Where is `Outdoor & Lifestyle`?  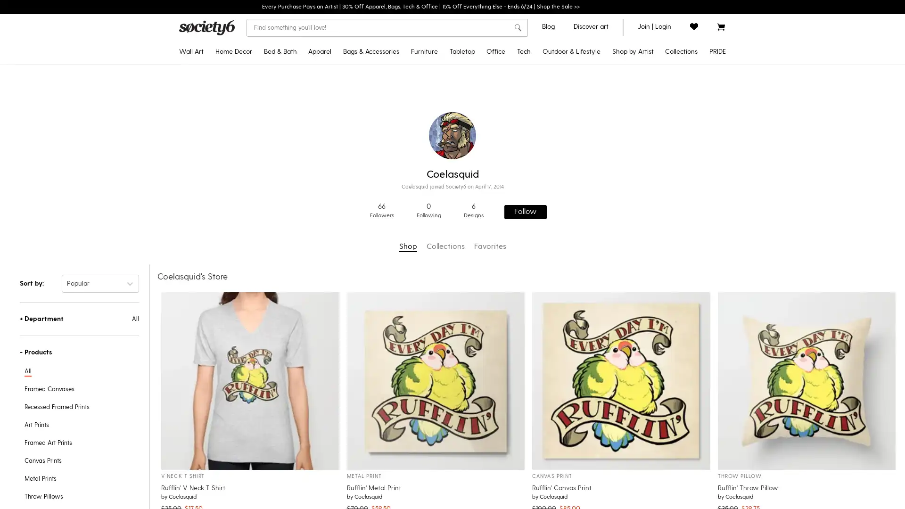
Outdoor & Lifestyle is located at coordinates (570, 52).